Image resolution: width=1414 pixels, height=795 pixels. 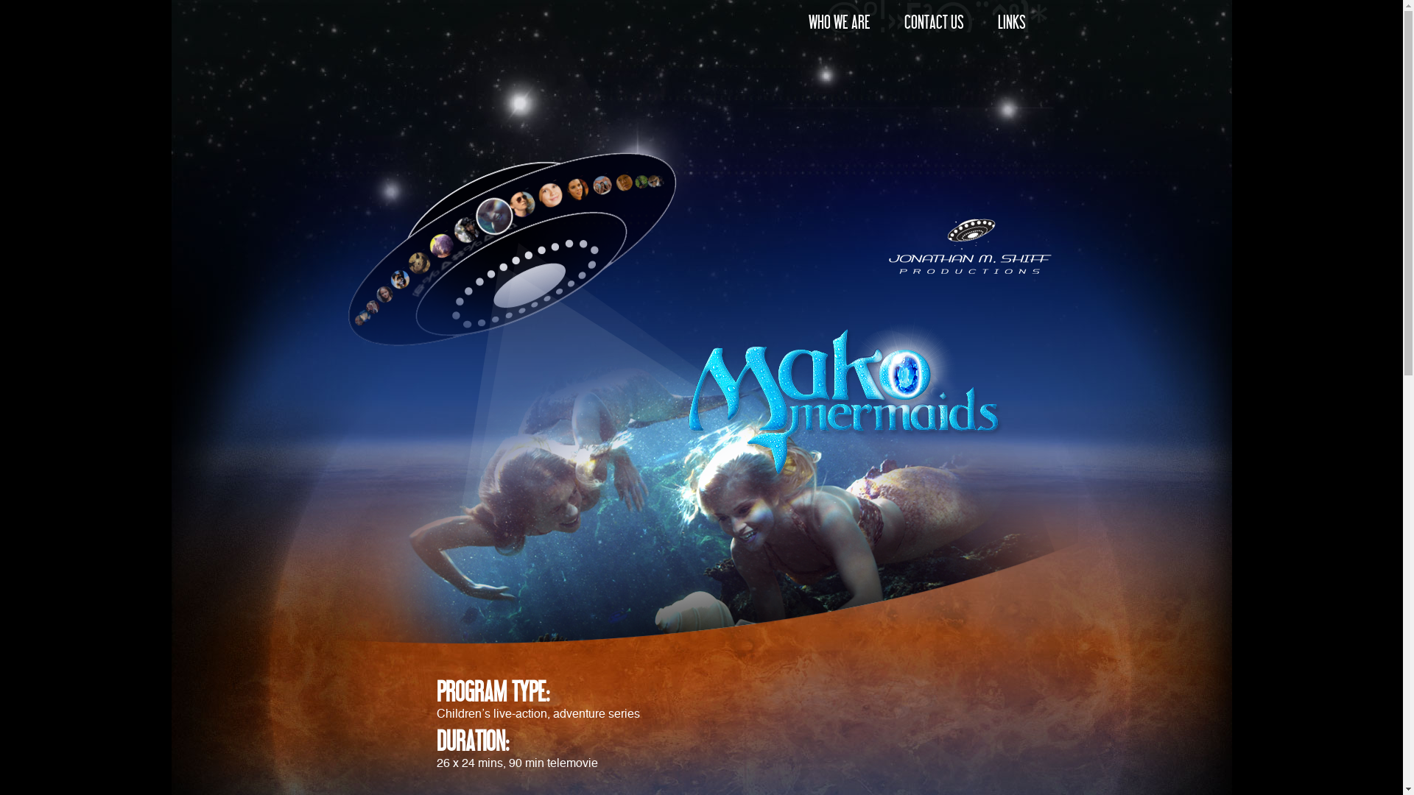 I want to click on 'MakoMermaids', so click(x=488, y=213).